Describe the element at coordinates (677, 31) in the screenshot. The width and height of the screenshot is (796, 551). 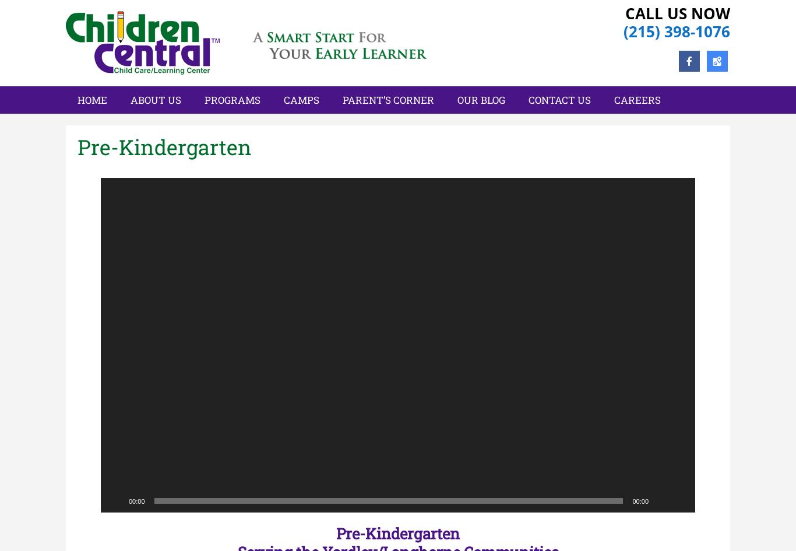
I see `'(215) 398-1076'` at that location.